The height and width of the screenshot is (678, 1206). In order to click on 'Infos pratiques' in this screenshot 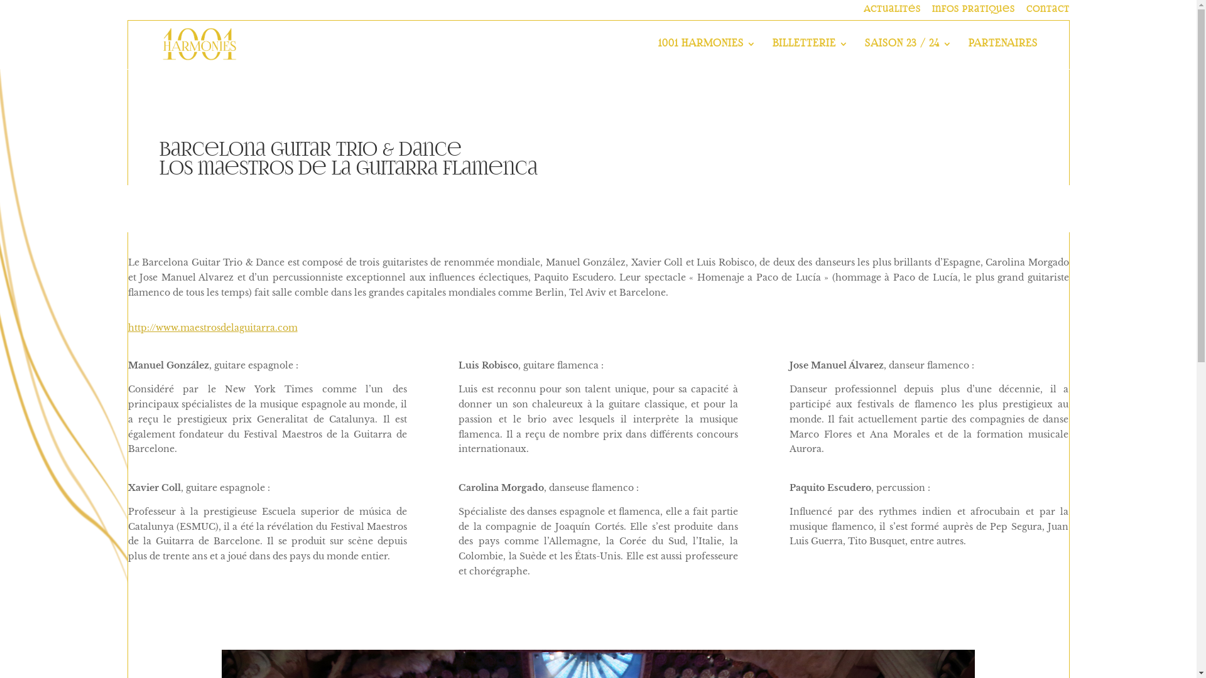, I will do `click(932, 13)`.